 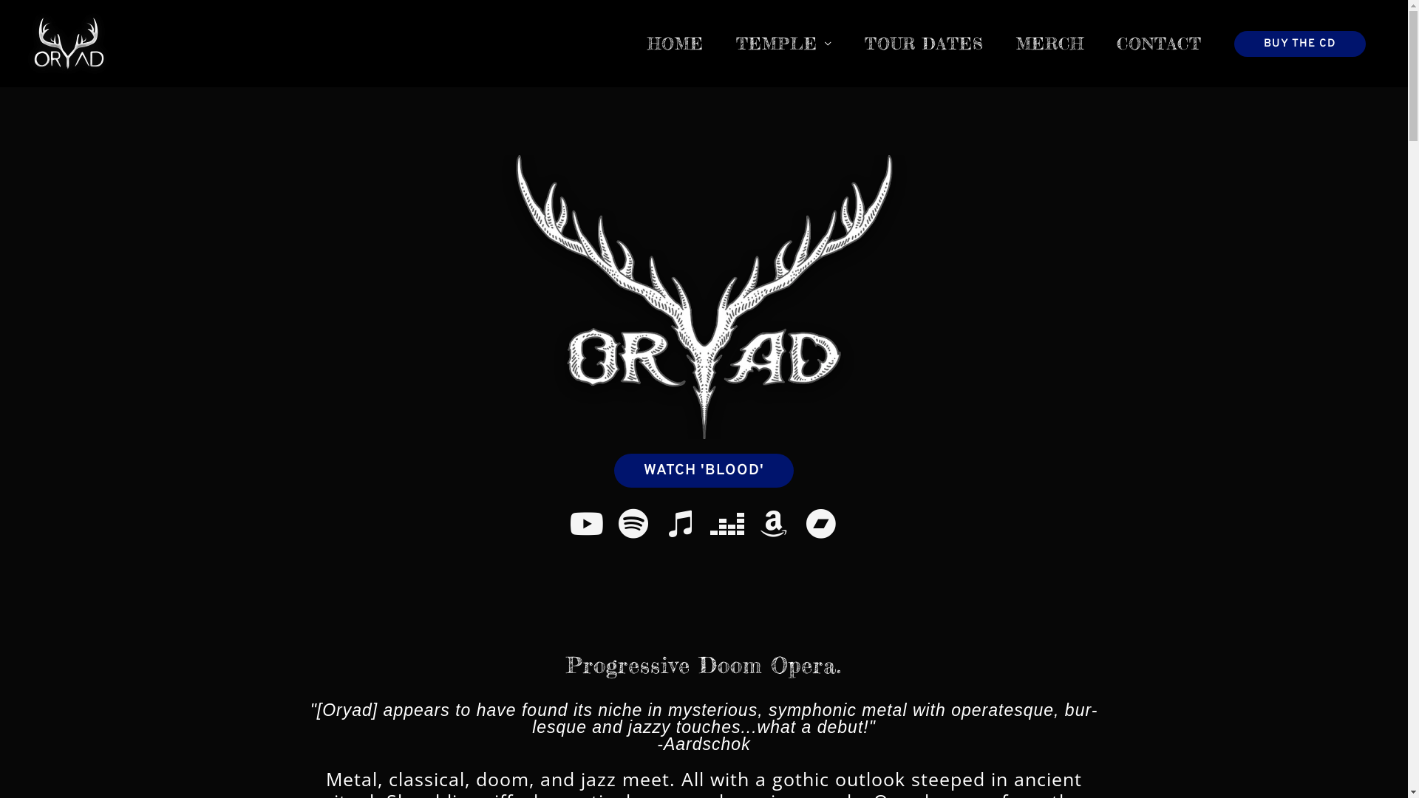 I want to click on 'HOME', so click(x=674, y=42).